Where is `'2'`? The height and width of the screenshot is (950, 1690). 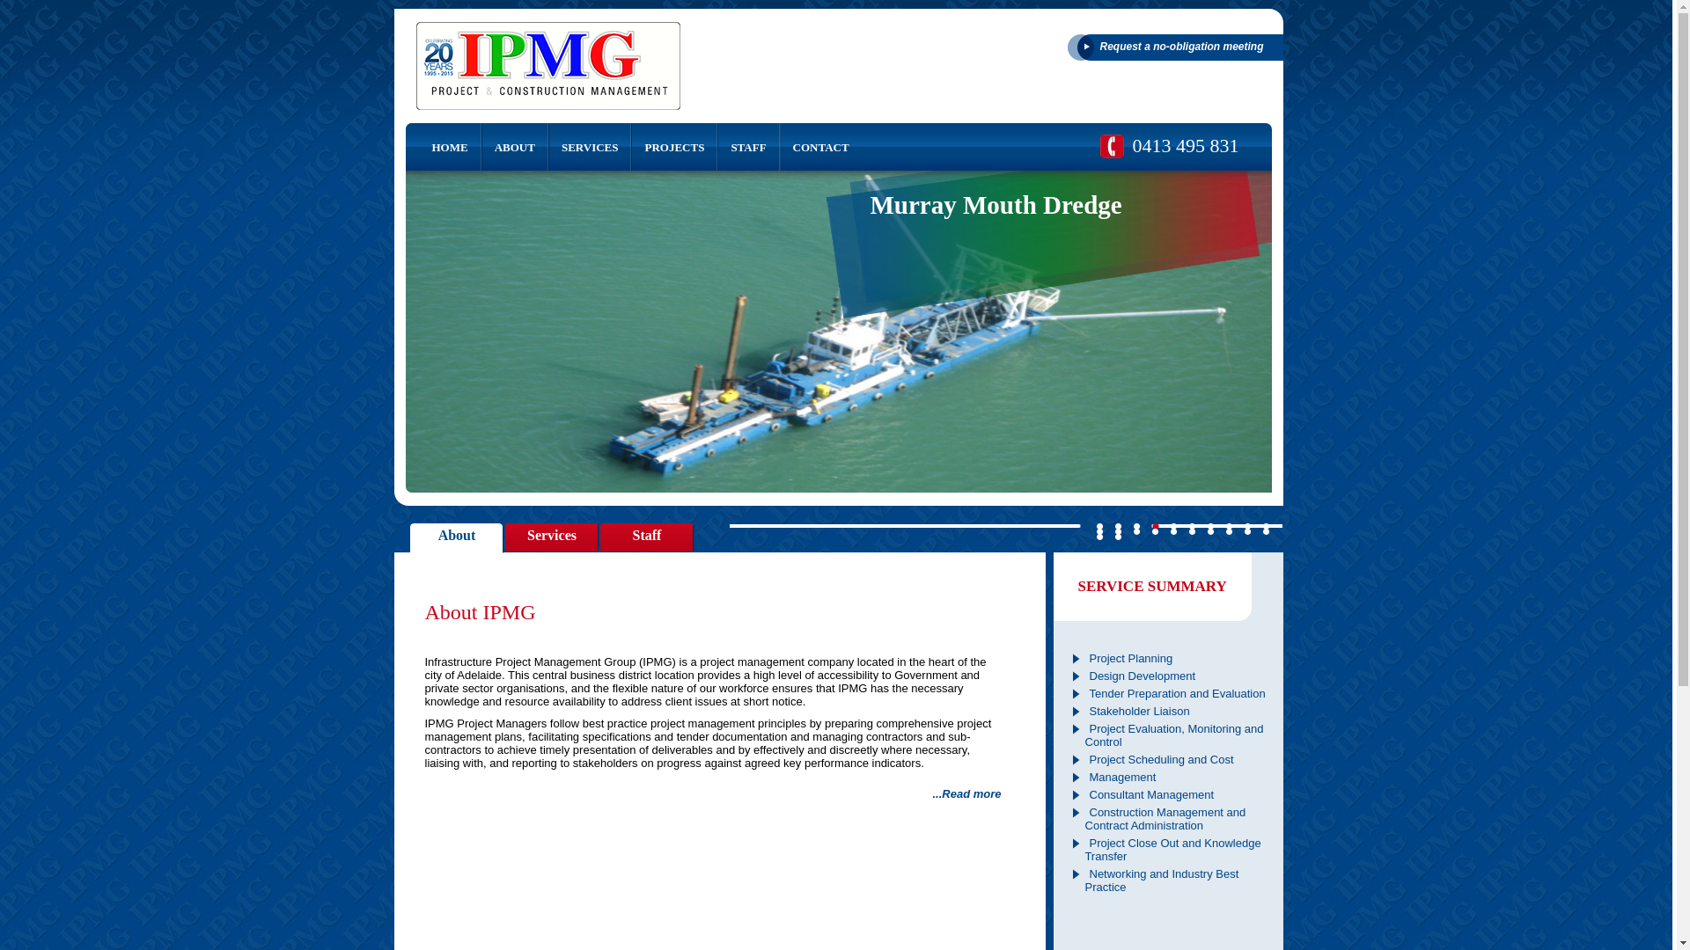 '2' is located at coordinates (1117, 524).